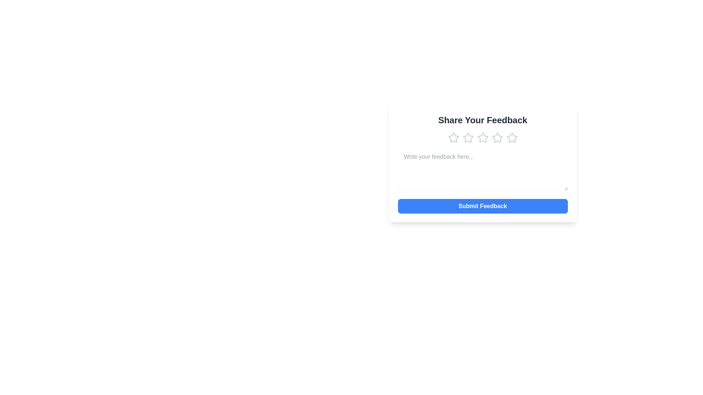  I want to click on the second star-shaped Rating Star Icon in the feedback interface, so click(467, 137).